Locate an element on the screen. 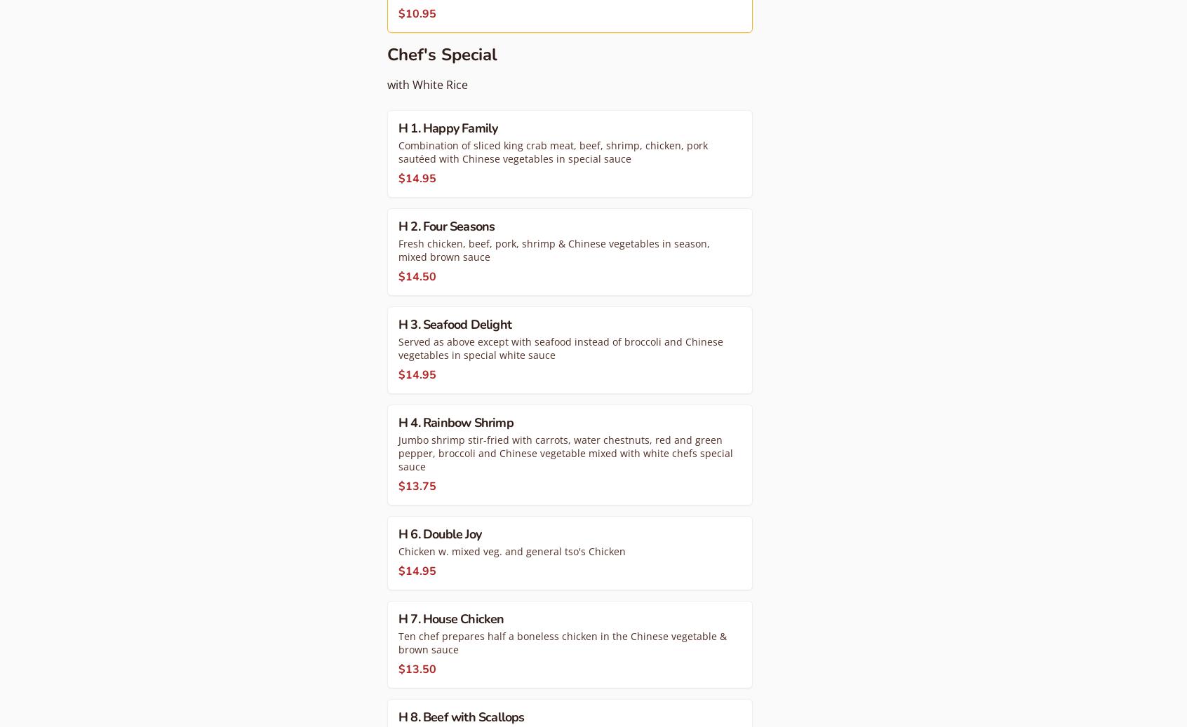 This screenshot has height=727, width=1187. '$13.50' is located at coordinates (417, 669).